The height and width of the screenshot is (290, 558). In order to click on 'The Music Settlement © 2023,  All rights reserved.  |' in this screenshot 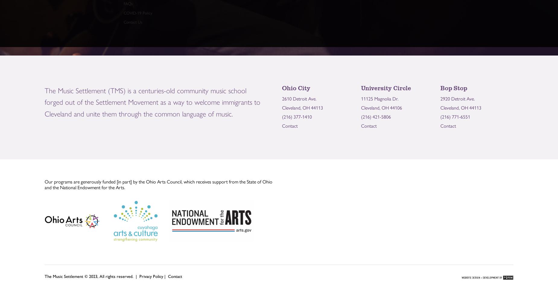, I will do `click(44, 276)`.